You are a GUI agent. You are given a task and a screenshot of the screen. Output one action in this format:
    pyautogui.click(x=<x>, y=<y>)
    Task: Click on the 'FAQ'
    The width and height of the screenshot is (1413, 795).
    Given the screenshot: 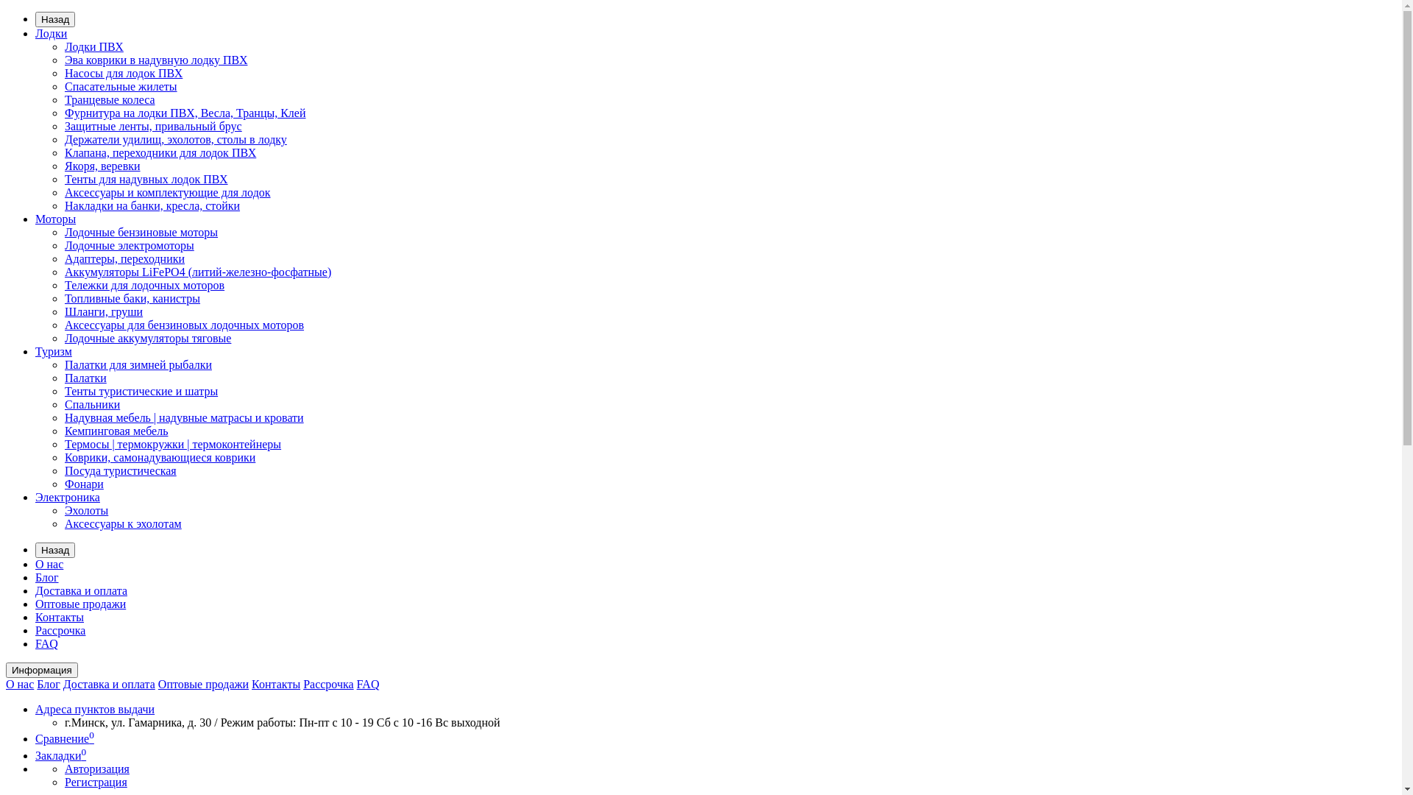 What is the action you would take?
    pyautogui.click(x=368, y=684)
    